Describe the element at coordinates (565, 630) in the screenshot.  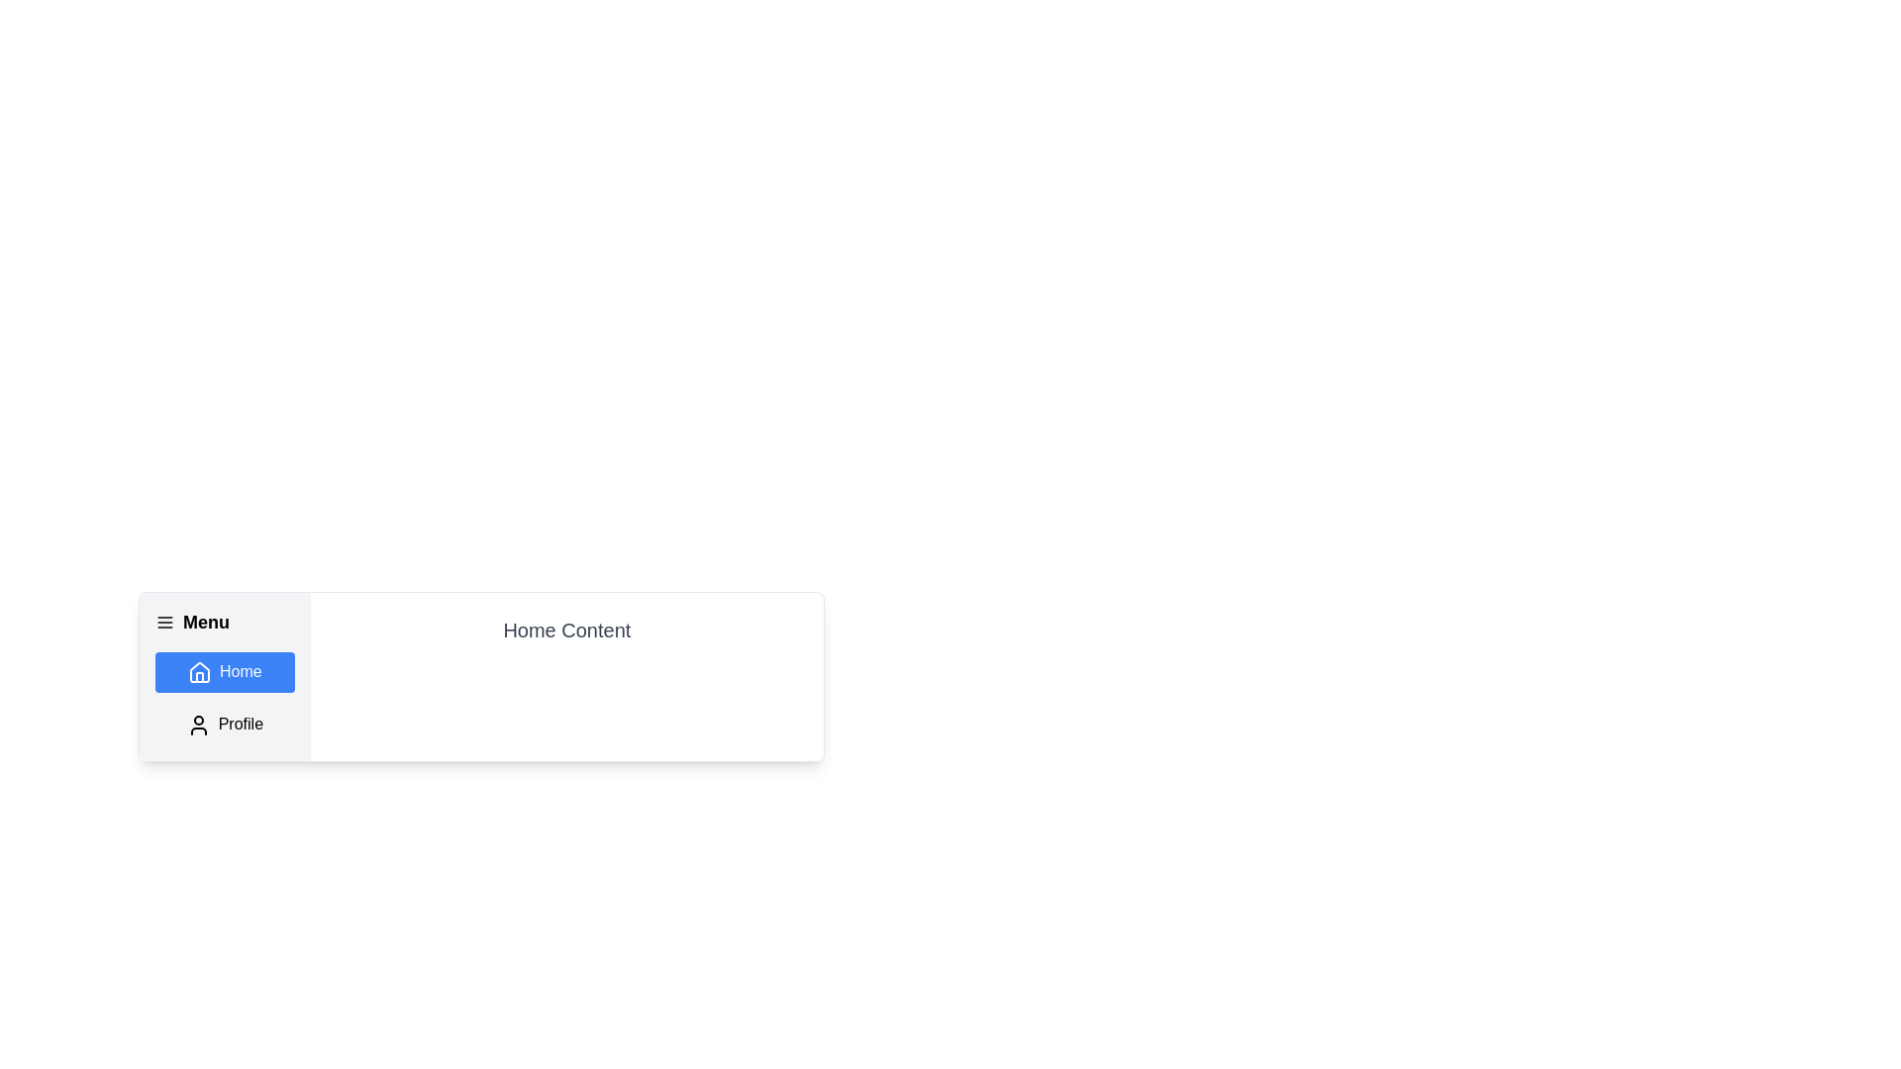
I see `the text element displaying 'Home Content' styled in gray, located` at that location.